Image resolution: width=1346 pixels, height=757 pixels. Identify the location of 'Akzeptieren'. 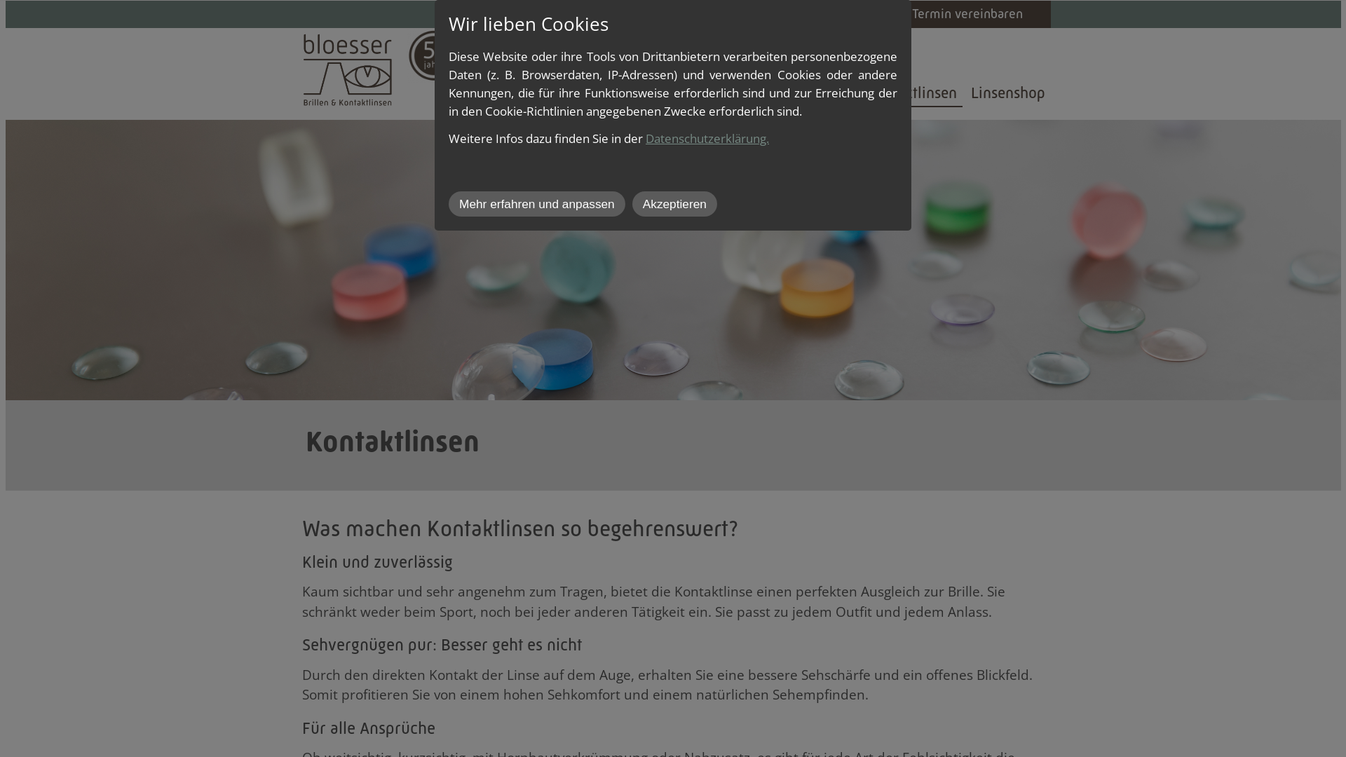
(674, 204).